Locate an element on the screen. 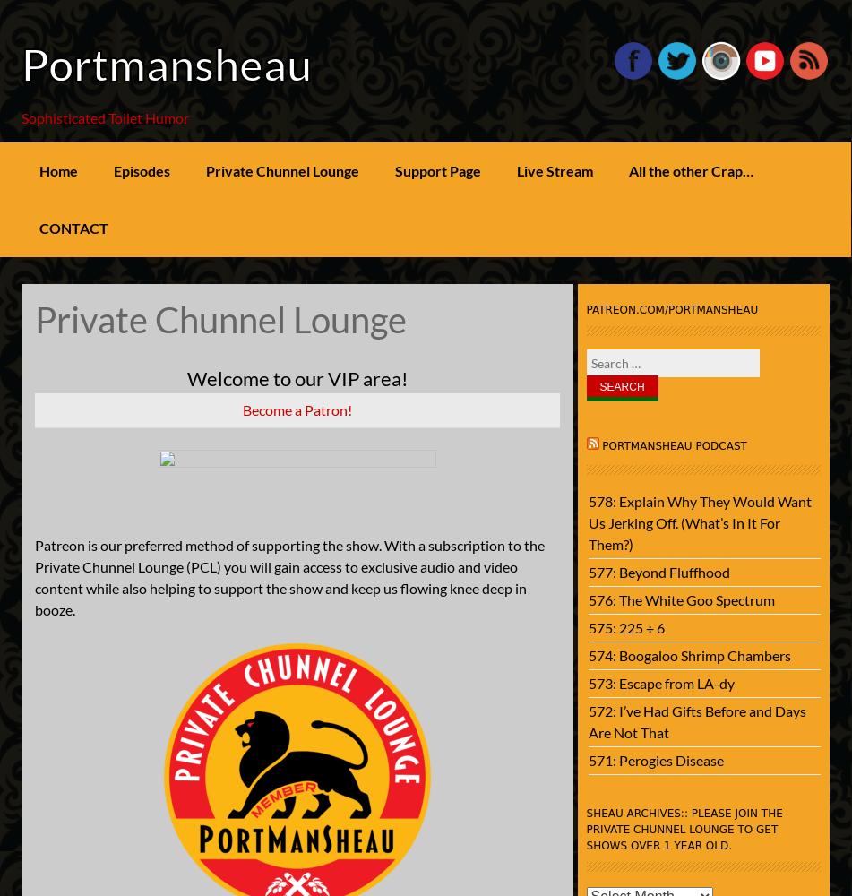  '574: Boogaloo Shrimp Chambers' is located at coordinates (687, 654).